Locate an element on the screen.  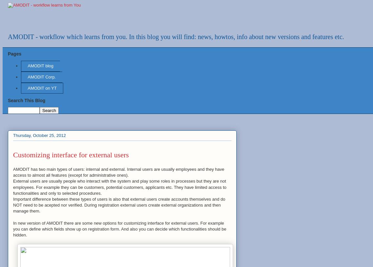
'AMODIT has two main types of users: internal and external. Internal users are usually employees and they have access to almost all features (except for administrative ones).' is located at coordinates (13, 172).